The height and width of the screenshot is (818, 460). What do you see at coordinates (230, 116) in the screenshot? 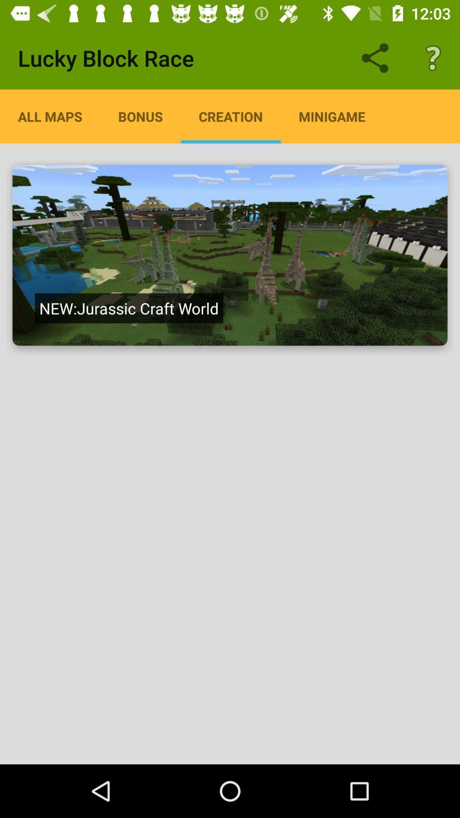
I see `item to the right of the bonus` at bounding box center [230, 116].